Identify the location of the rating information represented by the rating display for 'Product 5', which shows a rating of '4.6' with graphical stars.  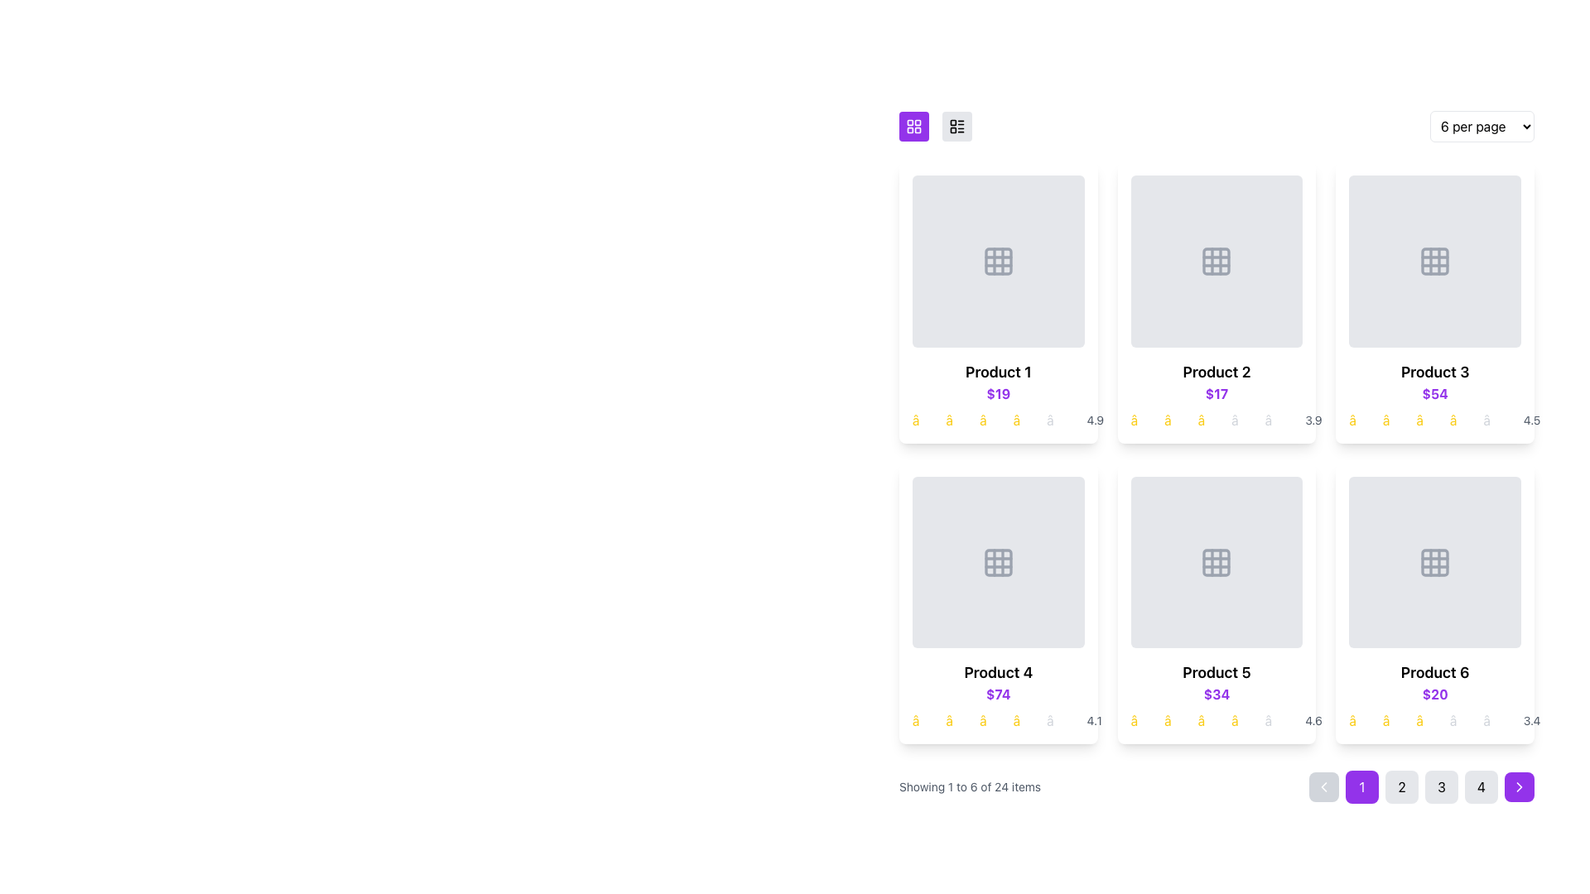
(1217, 720).